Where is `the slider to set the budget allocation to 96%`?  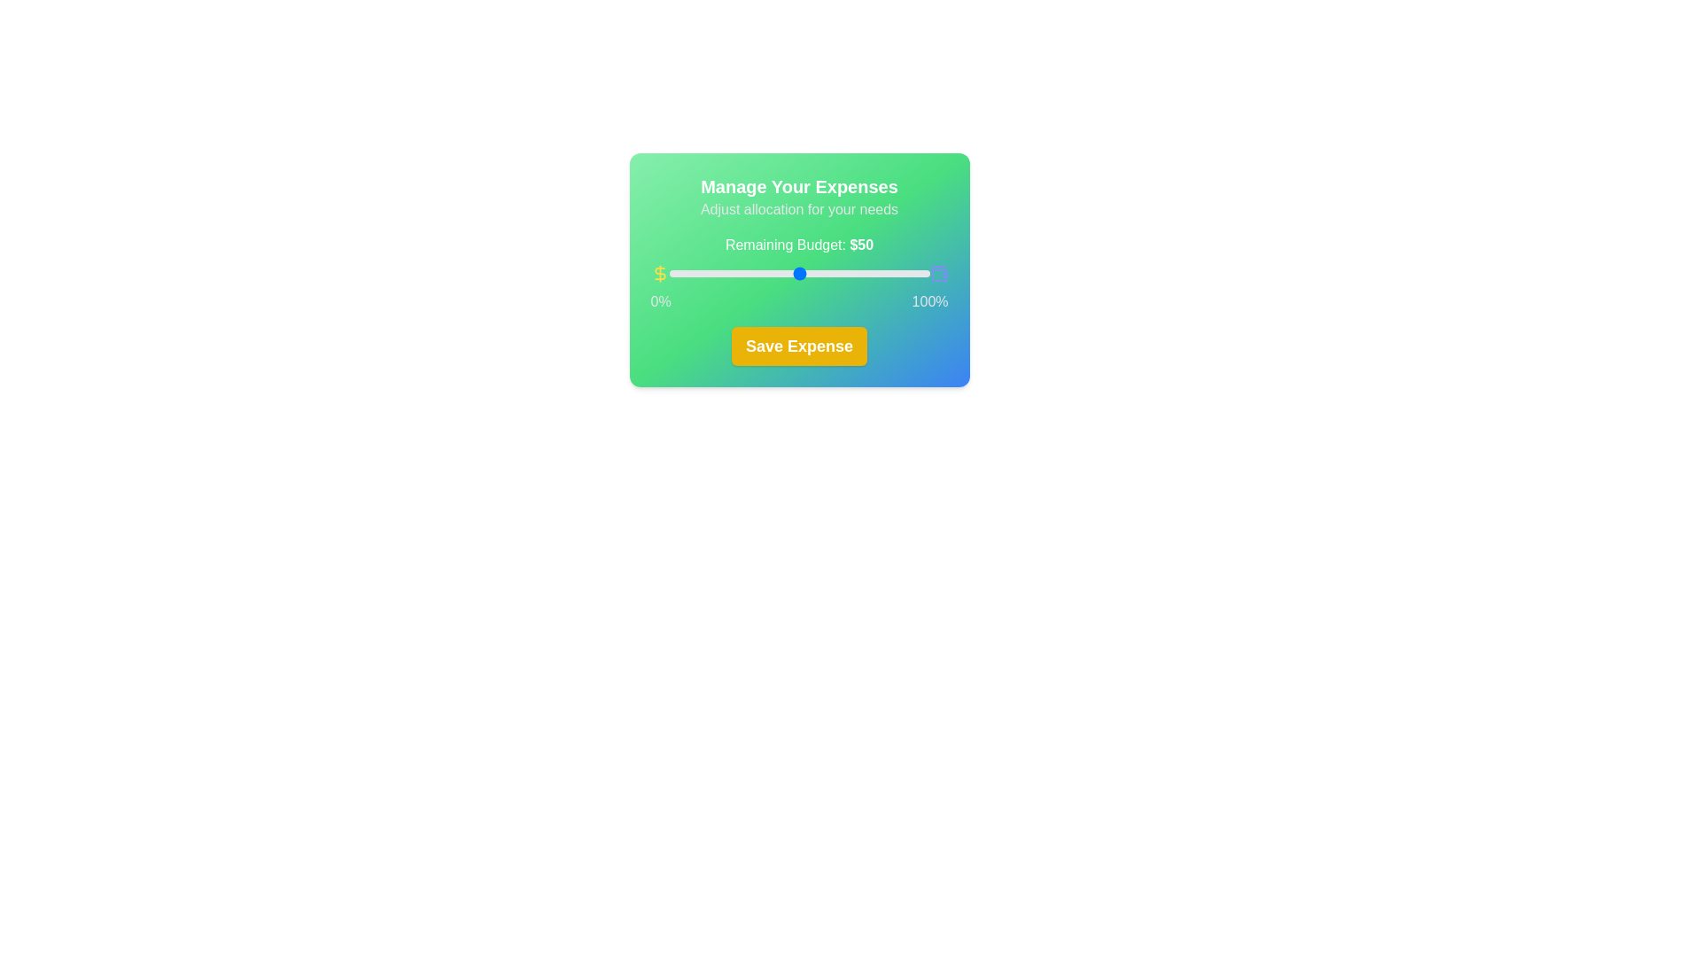 the slider to set the budget allocation to 96% is located at coordinates (919, 273).